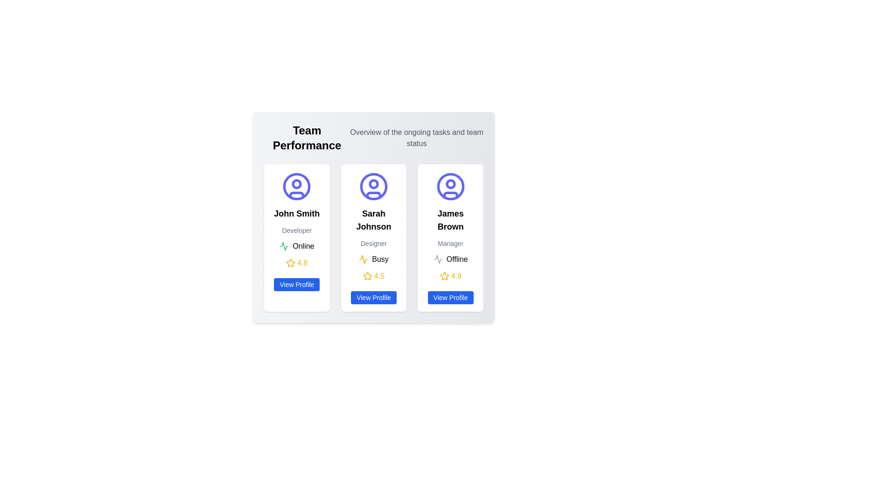  Describe the element at coordinates (296, 230) in the screenshot. I see `the label displaying the word 'Developer' in gray, which is located beneath 'John Smith' and above the status indicator 'Online' in the first card of three cards` at that location.